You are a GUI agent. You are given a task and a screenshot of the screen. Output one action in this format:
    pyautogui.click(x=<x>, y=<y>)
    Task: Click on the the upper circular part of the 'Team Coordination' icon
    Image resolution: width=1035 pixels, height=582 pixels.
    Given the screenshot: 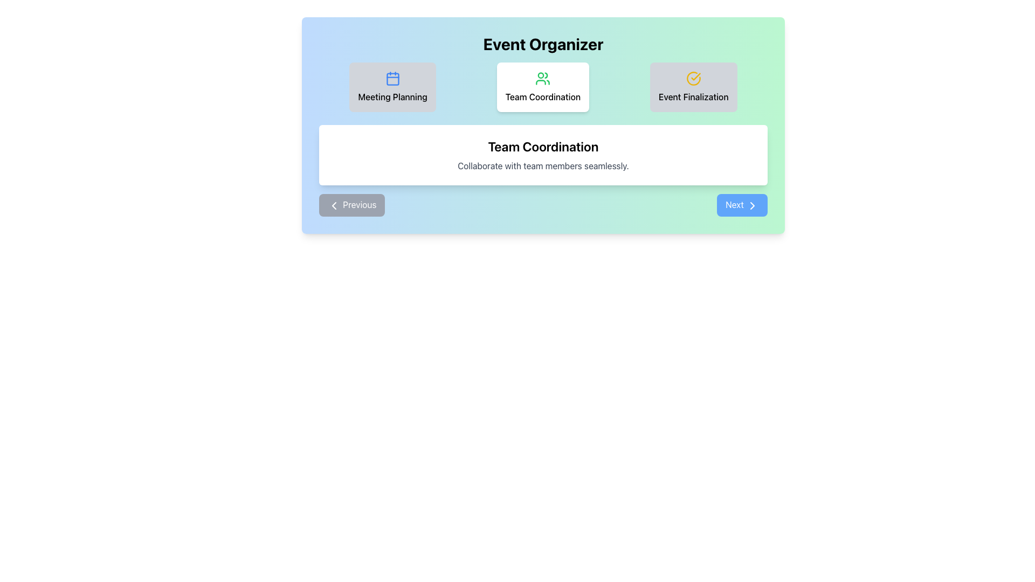 What is the action you would take?
    pyautogui.click(x=546, y=75)
    